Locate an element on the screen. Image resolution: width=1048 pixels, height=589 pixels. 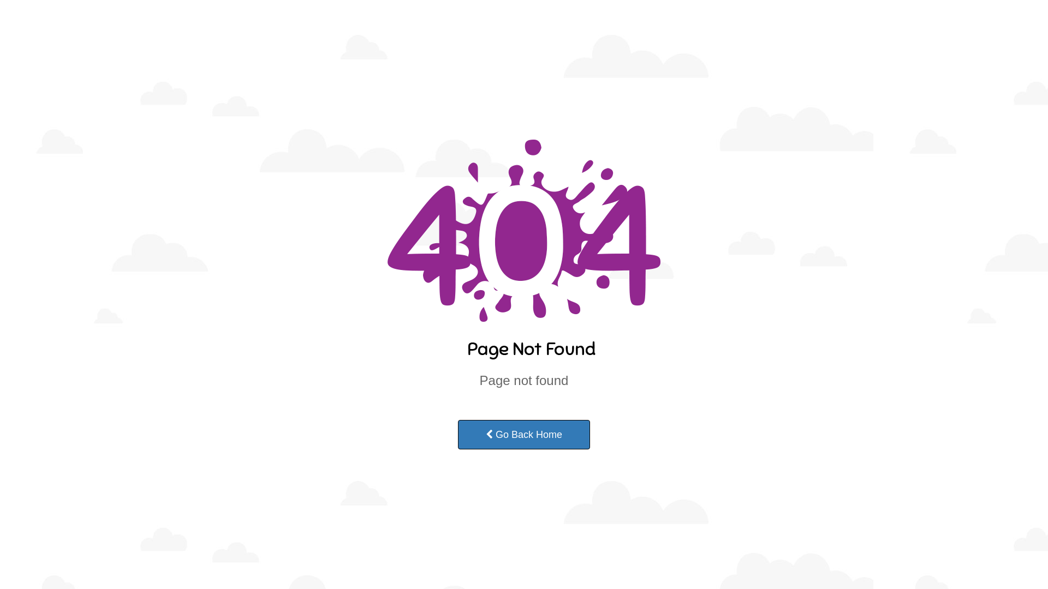
'Go Back Home' is located at coordinates (524, 434).